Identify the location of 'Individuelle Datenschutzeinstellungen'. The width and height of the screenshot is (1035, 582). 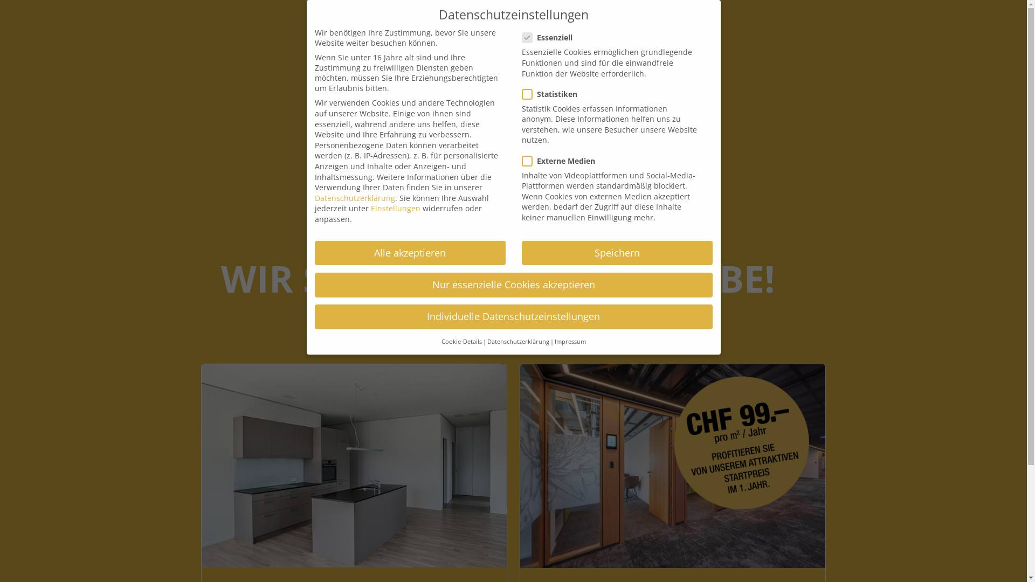
(314, 316).